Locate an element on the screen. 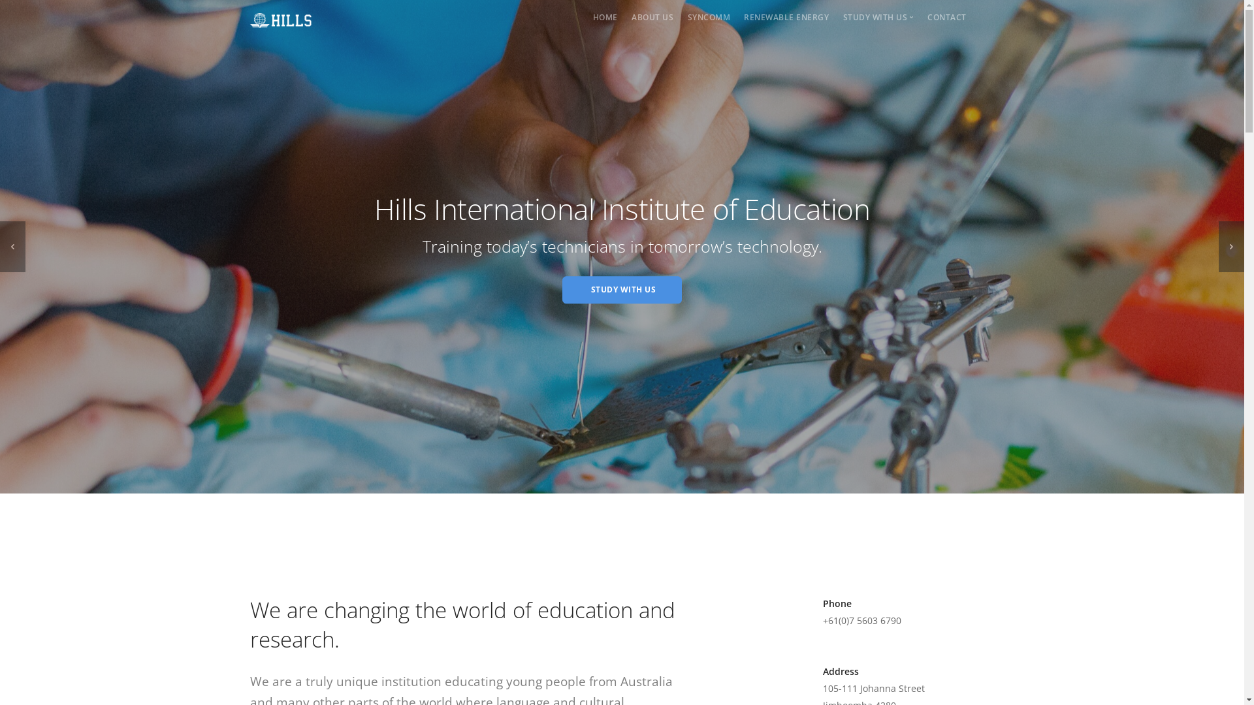 This screenshot has width=1254, height=705. 'CONTACT' is located at coordinates (946, 17).